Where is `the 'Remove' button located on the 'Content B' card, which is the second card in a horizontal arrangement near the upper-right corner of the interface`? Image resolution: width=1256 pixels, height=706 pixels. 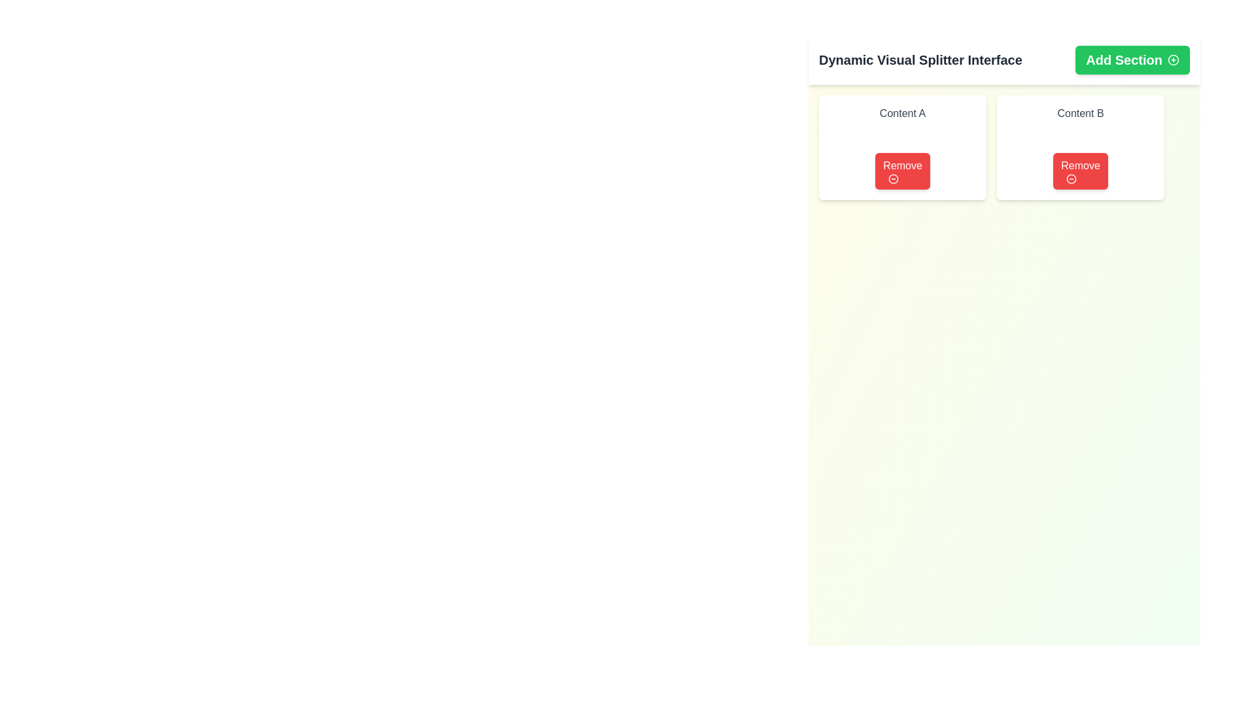
the 'Remove' button located on the 'Content B' card, which is the second card in a horizontal arrangement near the upper-right corner of the interface is located at coordinates (1080, 147).